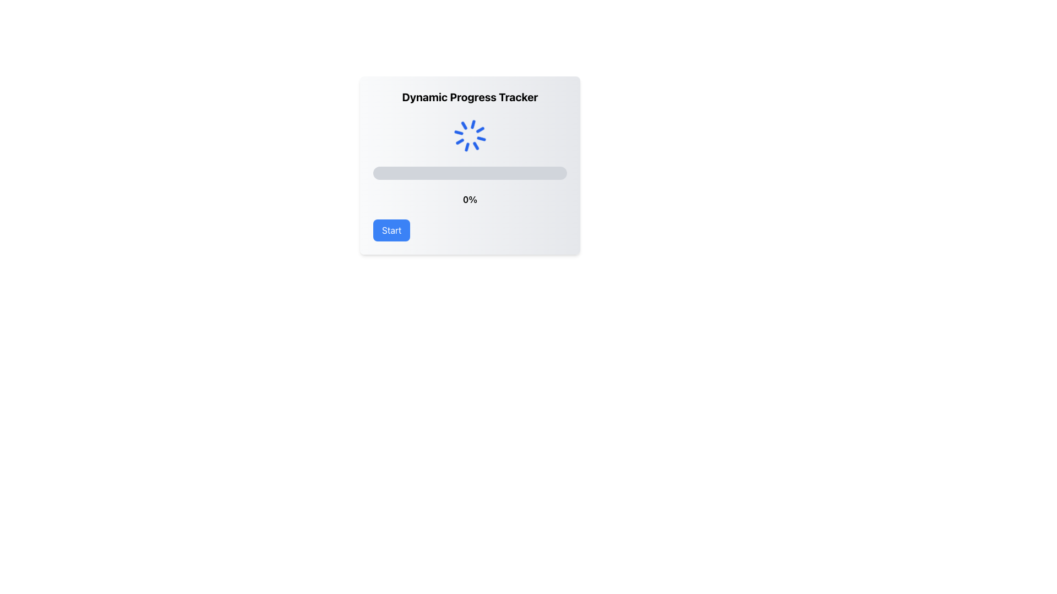 The image size is (1057, 594). What do you see at coordinates (470, 135) in the screenshot?
I see `the loading spinner located below the title 'Dynamic Progress Tracker' and above the progress bar` at bounding box center [470, 135].